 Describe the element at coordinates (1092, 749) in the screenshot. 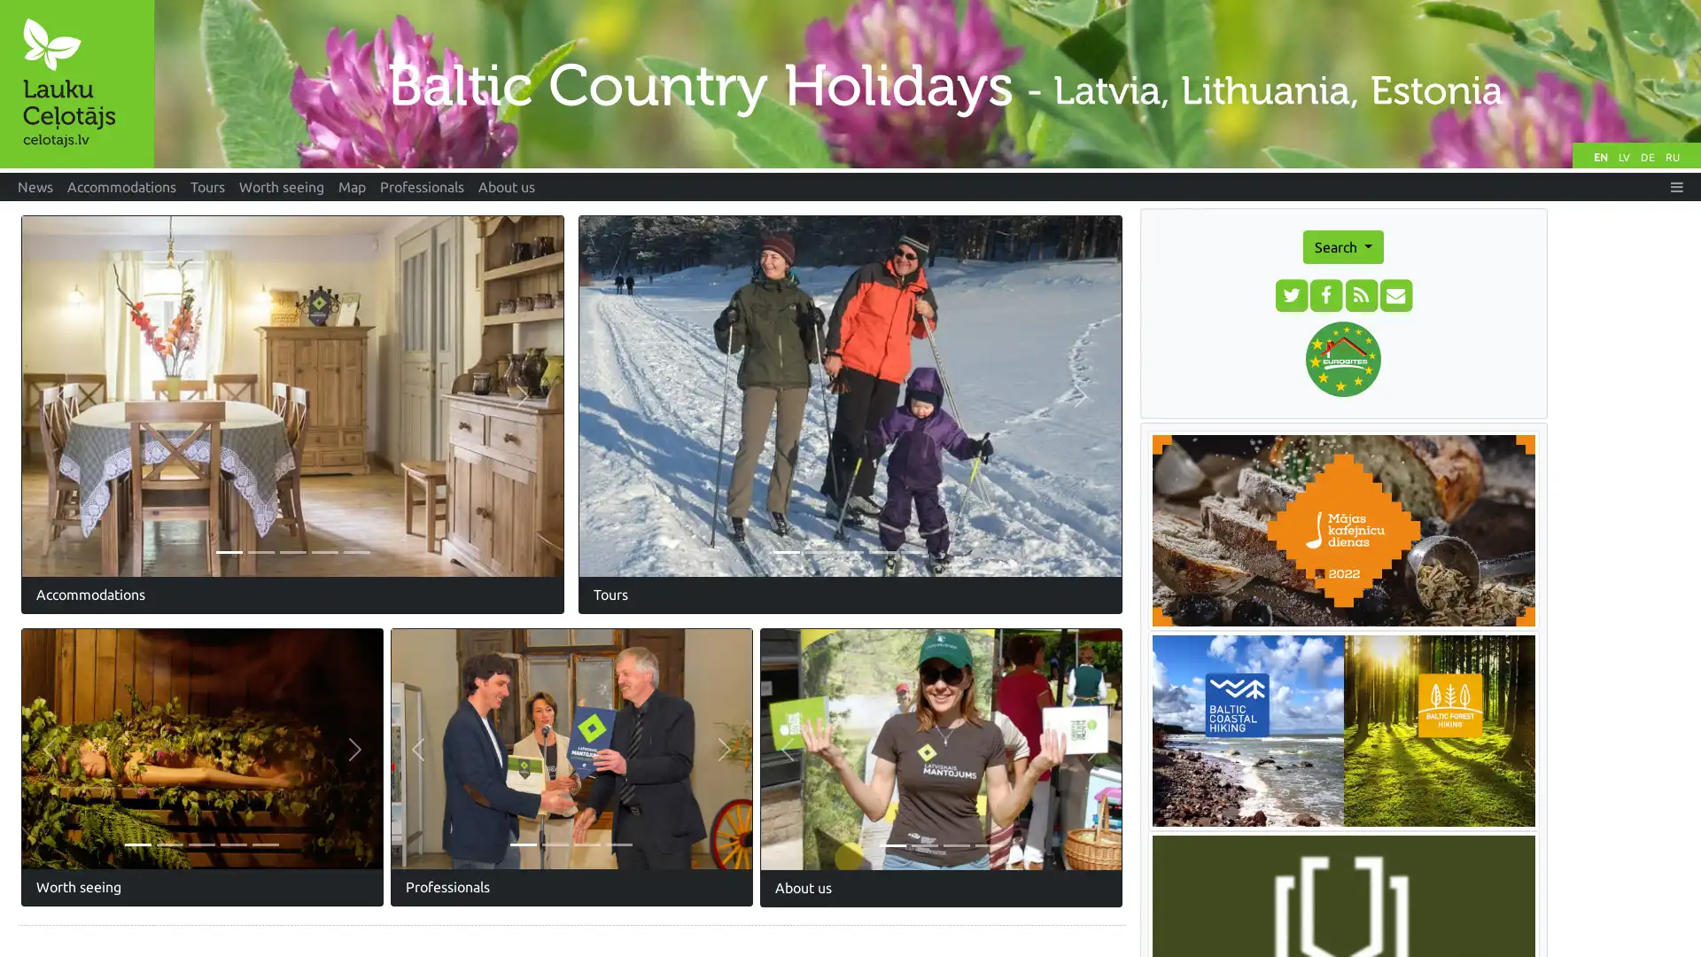

I see `Next` at that location.